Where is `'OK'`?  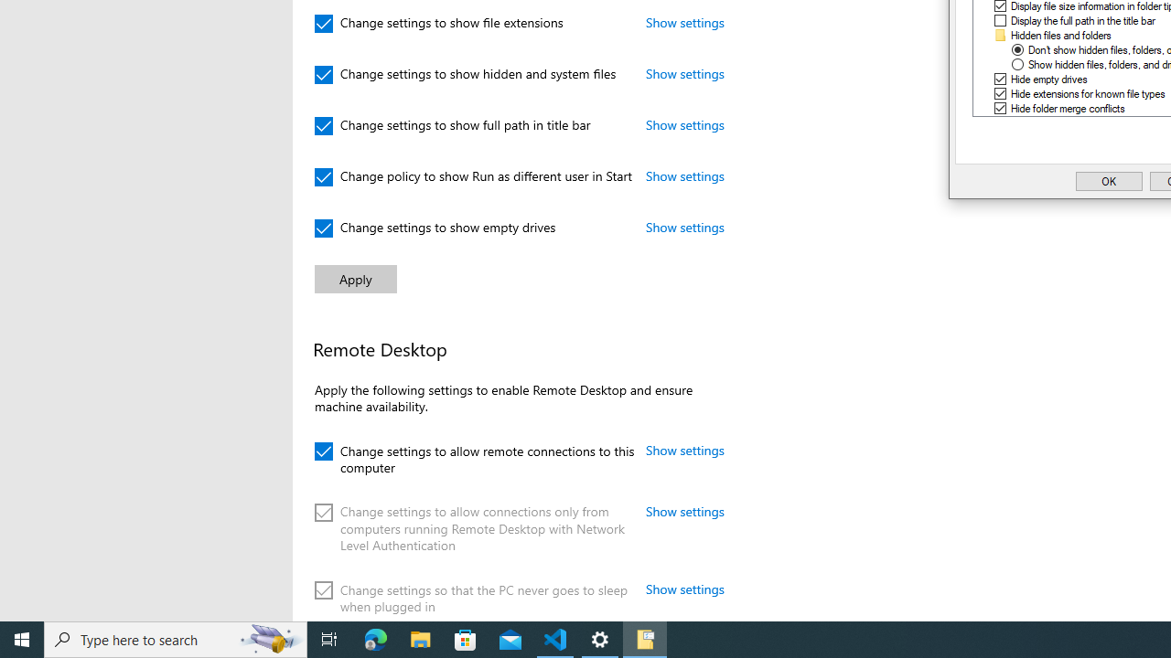 'OK' is located at coordinates (1108, 181).